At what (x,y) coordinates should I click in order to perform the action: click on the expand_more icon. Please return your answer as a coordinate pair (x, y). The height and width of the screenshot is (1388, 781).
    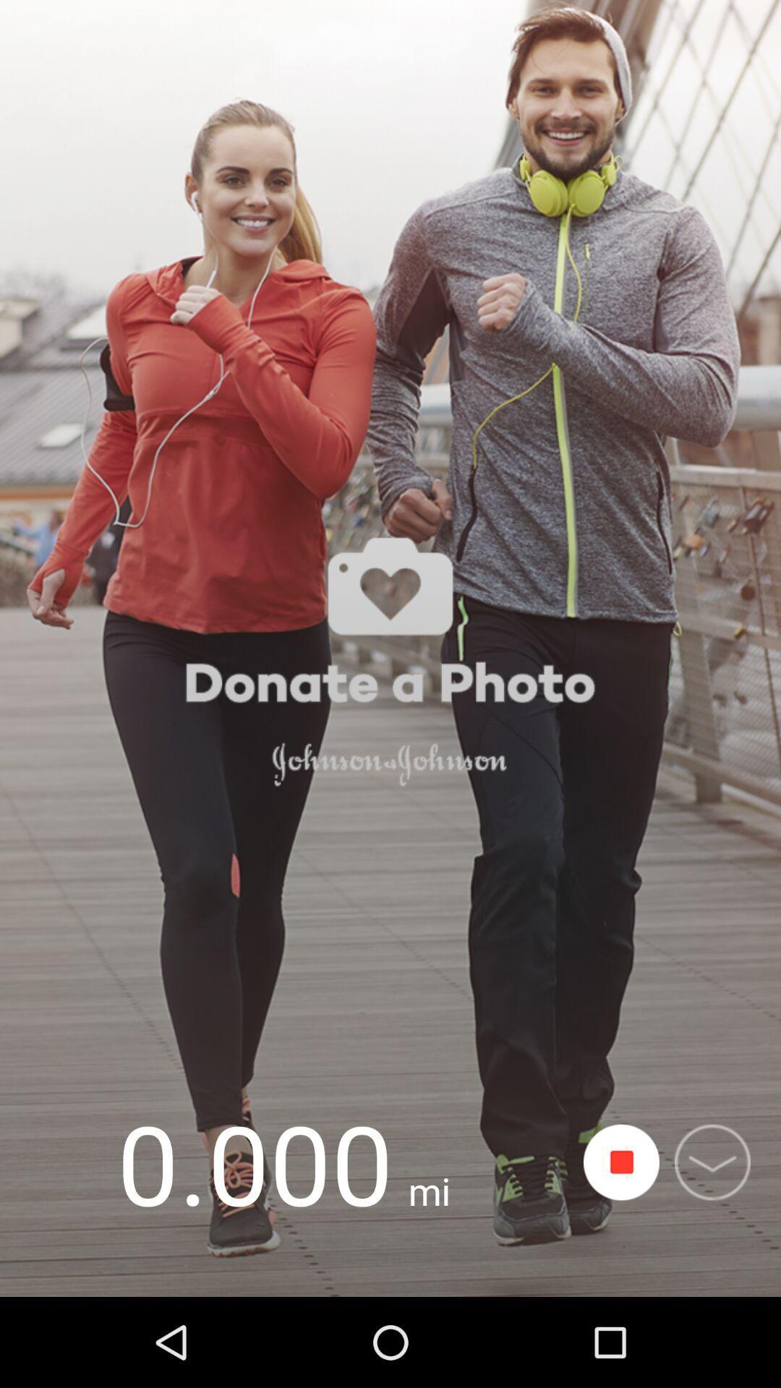
    Looking at the image, I should click on (712, 1162).